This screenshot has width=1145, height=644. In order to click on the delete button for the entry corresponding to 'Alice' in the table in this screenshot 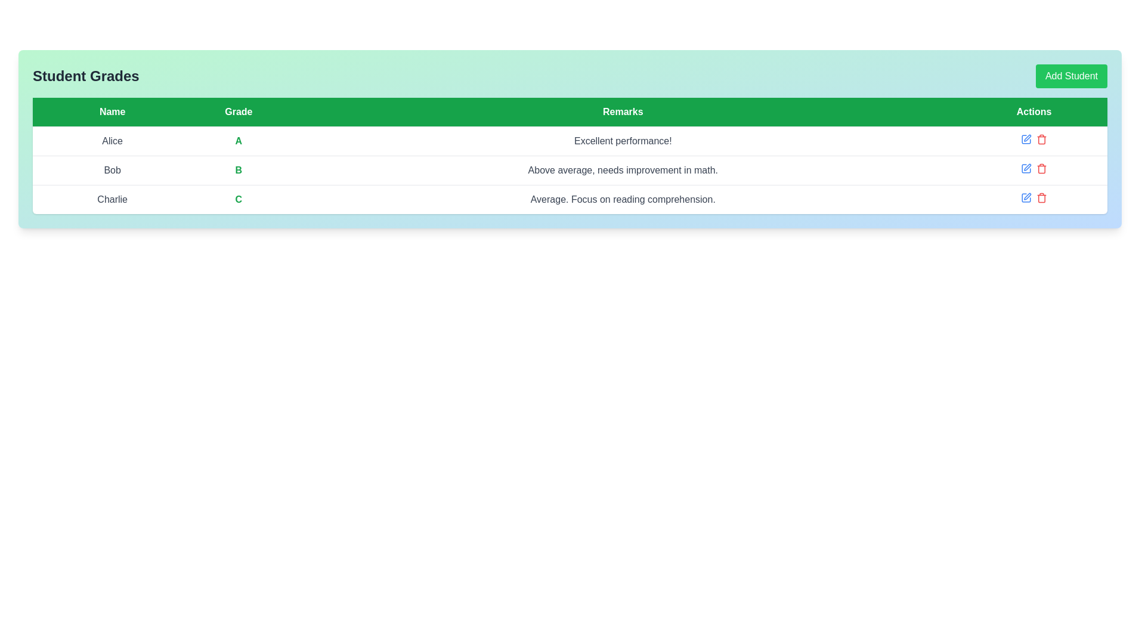, I will do `click(1041, 139)`.